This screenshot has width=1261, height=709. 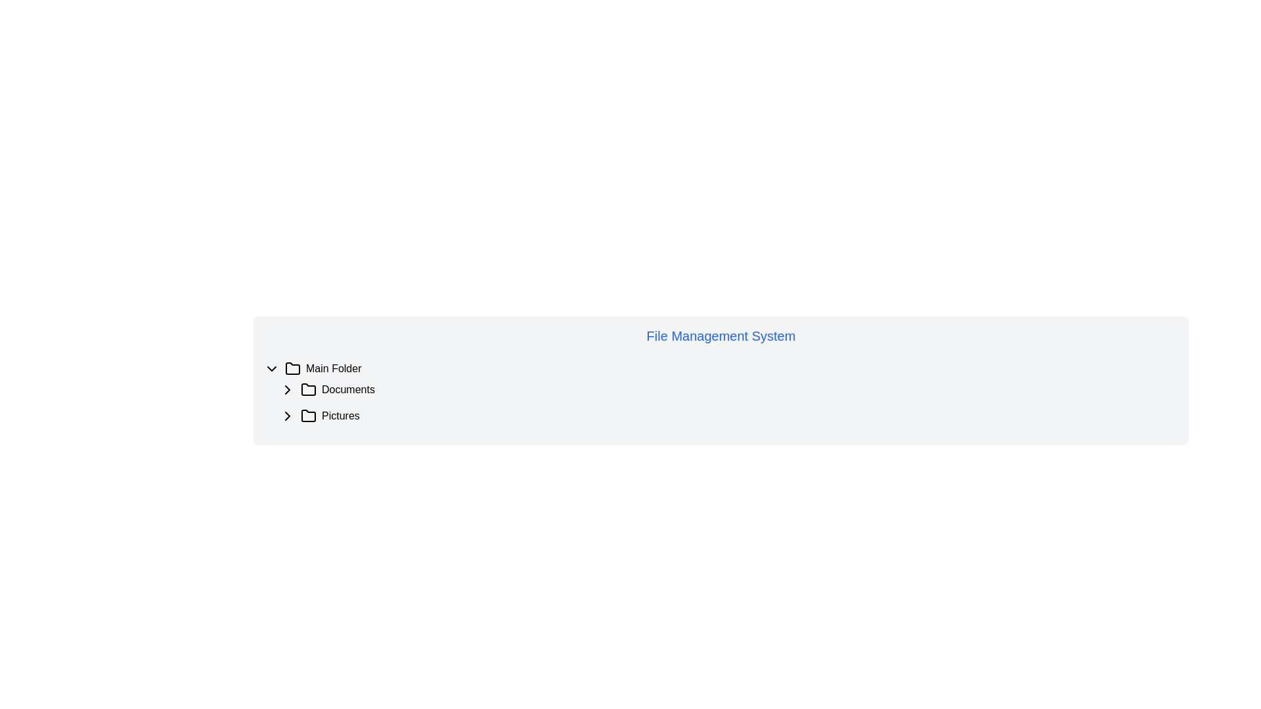 What do you see at coordinates (292, 369) in the screenshot?
I see `the folder icon that represents the 'Main Folder', which is visually situated to the left of the text and part of a row at the top of a hierarchical list structure` at bounding box center [292, 369].